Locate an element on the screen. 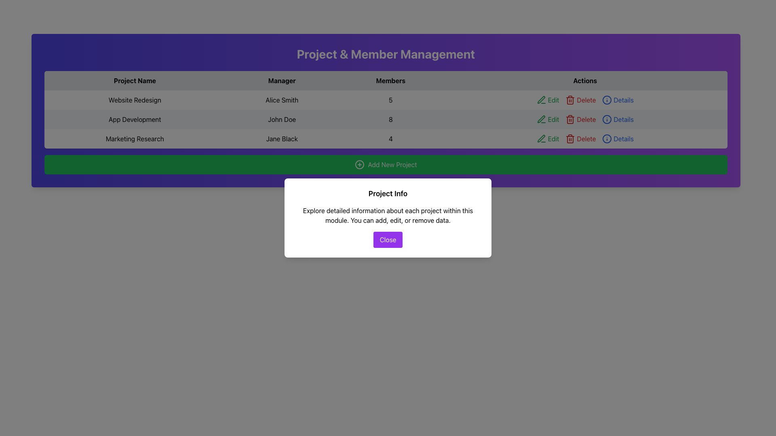 The height and width of the screenshot is (436, 776). centered text element displaying 'App Development' located in the second entry of the 'Project Name' column in the table is located at coordinates (135, 119).